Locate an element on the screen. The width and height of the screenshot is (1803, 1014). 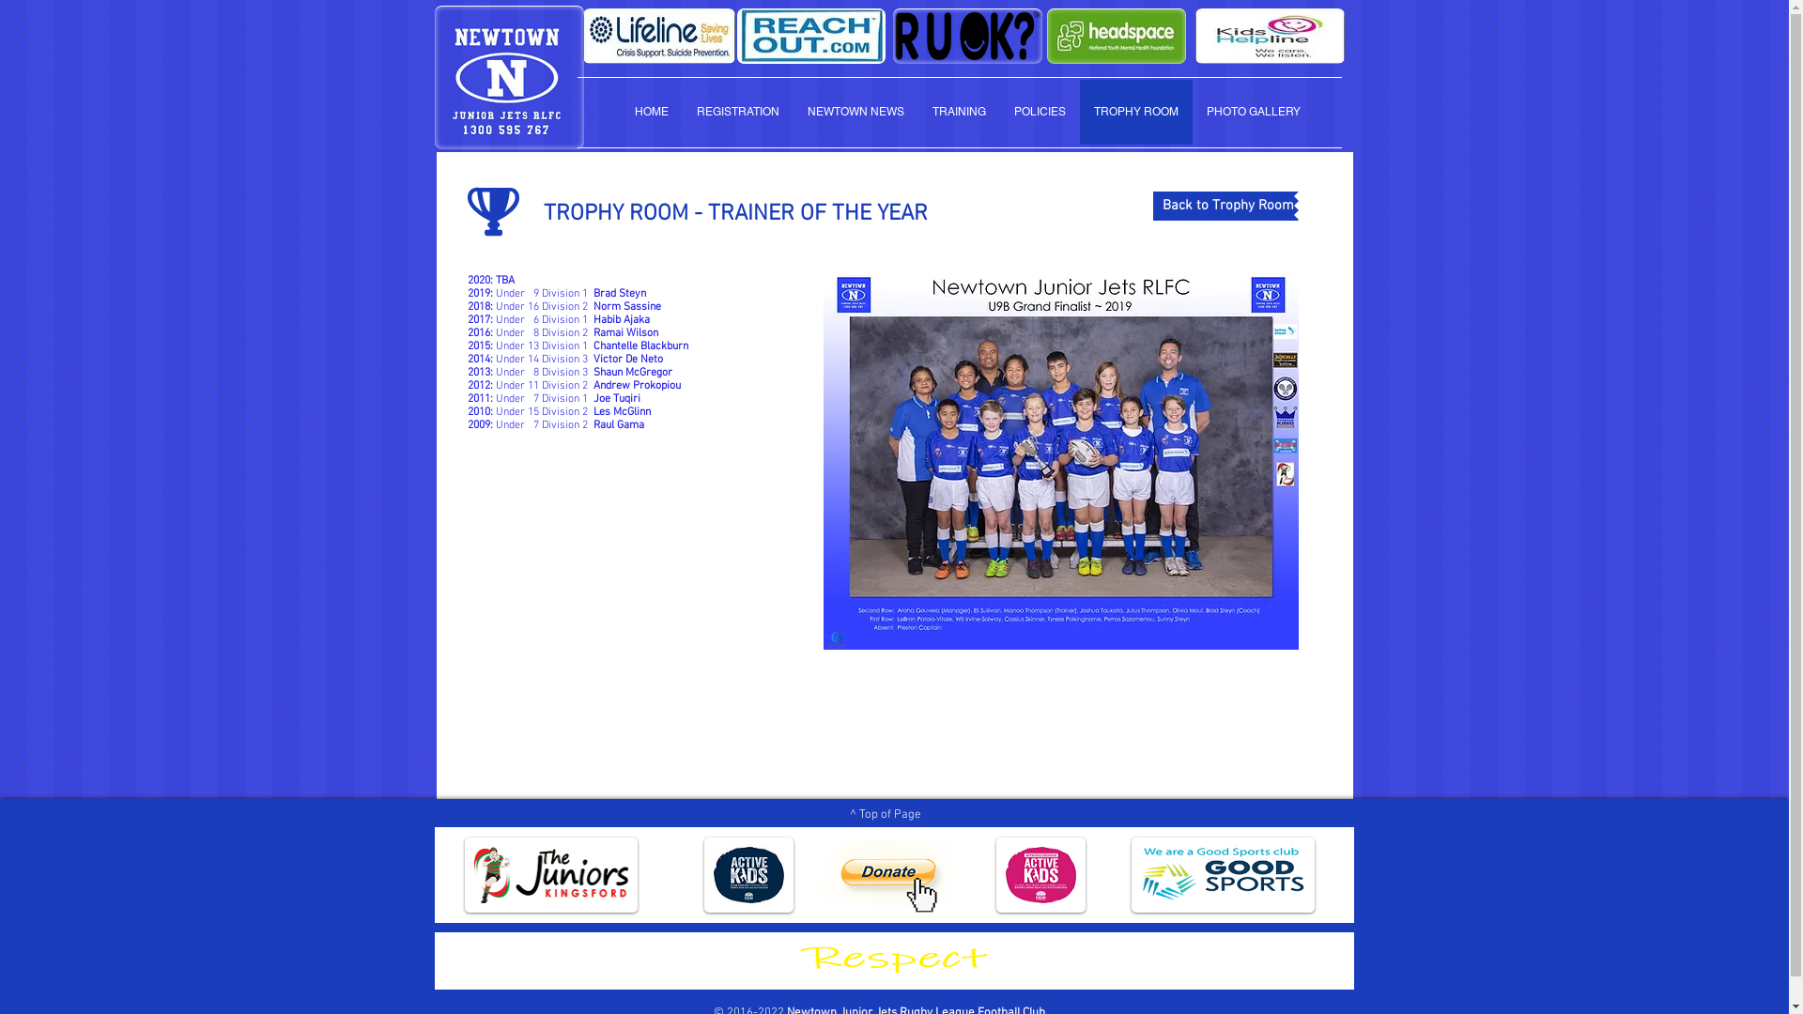
'good sports club.png' is located at coordinates (1222, 875).